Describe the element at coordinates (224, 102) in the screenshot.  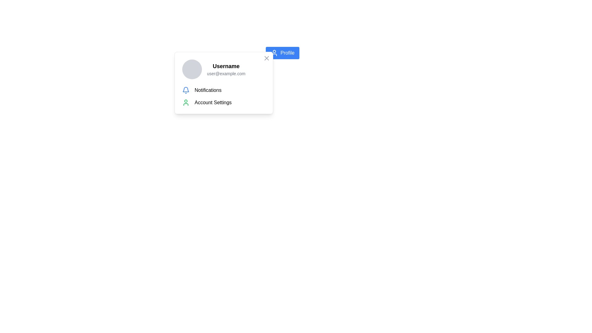
I see `the account settings label with its associated icon, positioned below the Notifications label` at that location.